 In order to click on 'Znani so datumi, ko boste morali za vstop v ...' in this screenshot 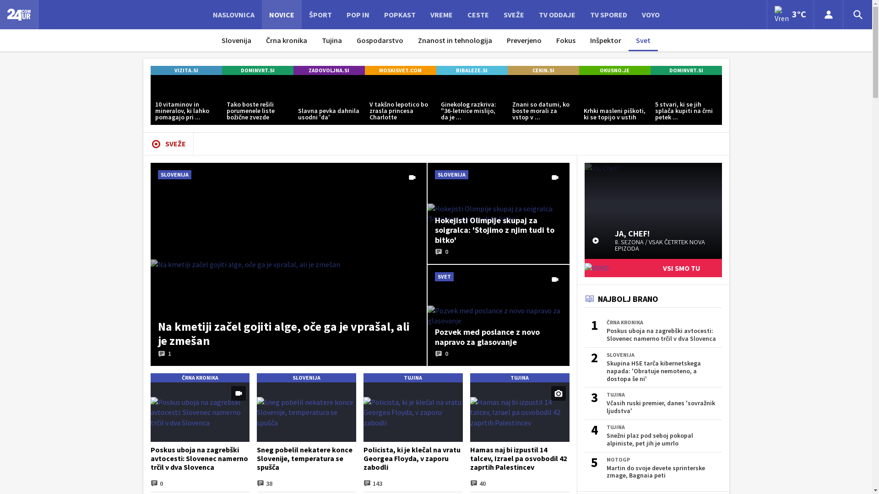, I will do `click(543, 100)`.